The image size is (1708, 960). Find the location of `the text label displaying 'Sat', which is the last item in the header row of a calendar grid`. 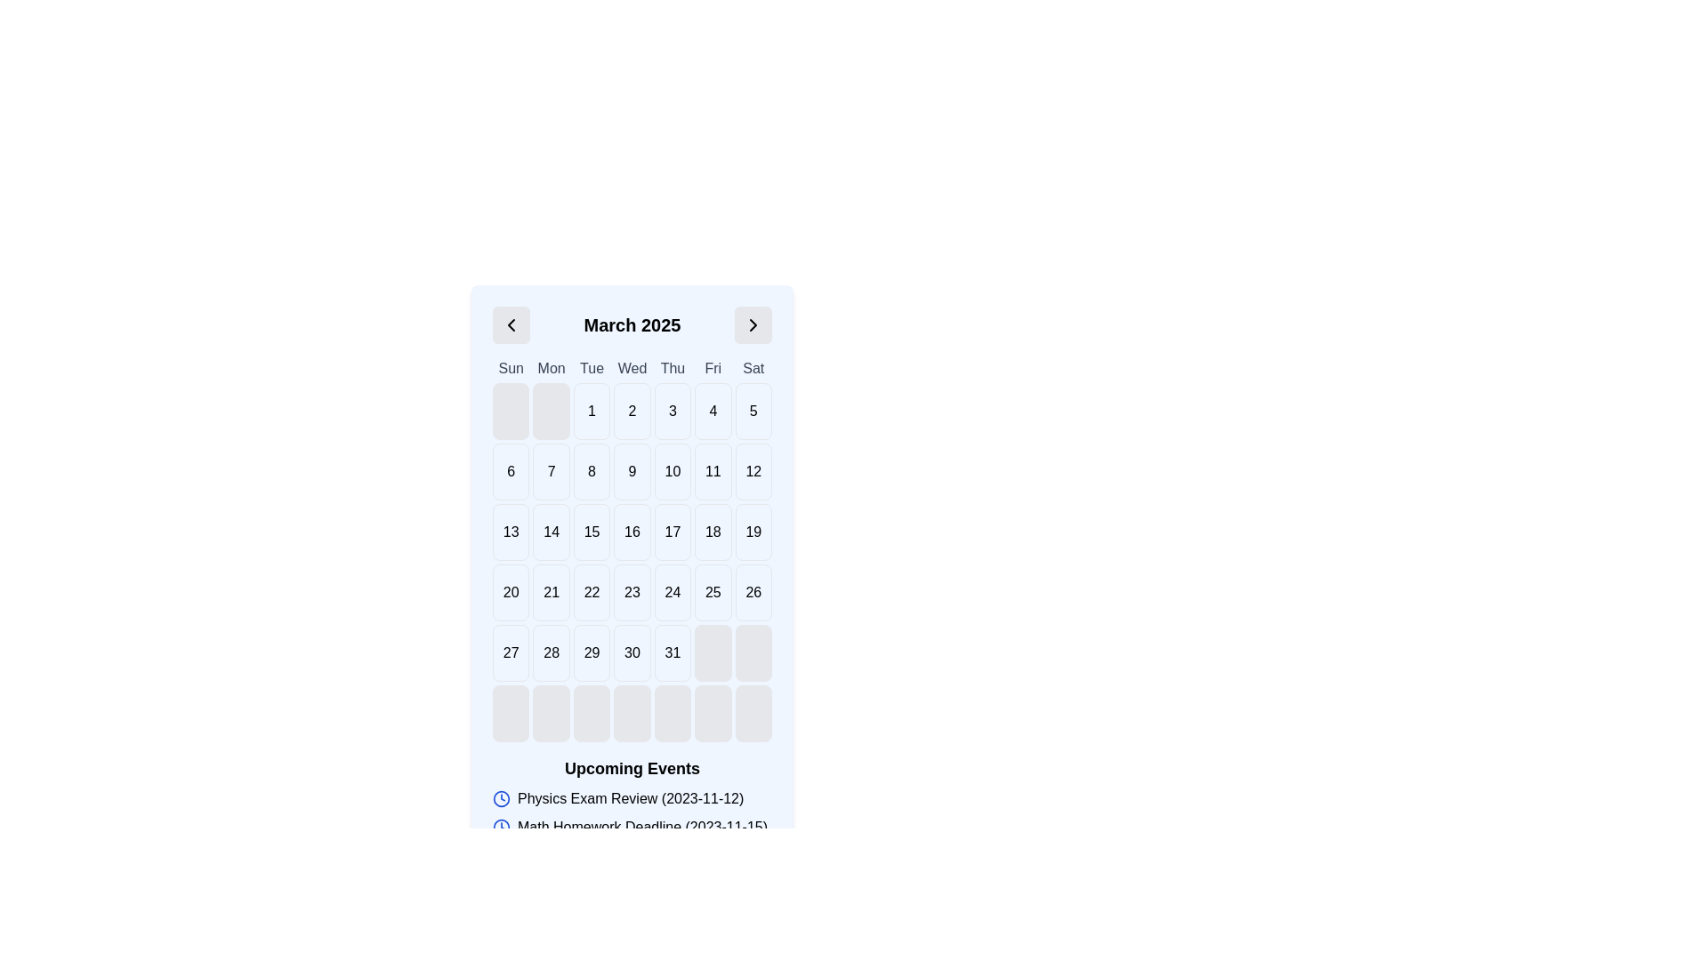

the text label displaying 'Sat', which is the last item in the header row of a calendar grid is located at coordinates (753, 368).